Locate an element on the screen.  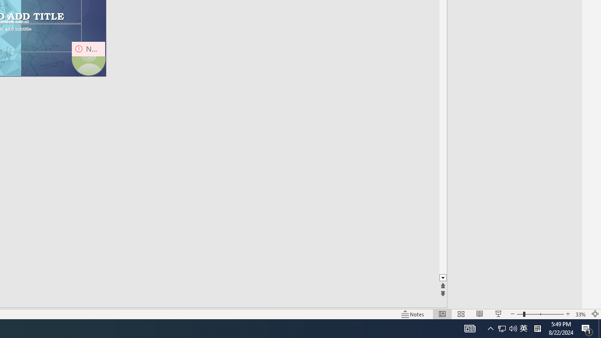
'Camera 16, No camera detected.' is located at coordinates (88, 58).